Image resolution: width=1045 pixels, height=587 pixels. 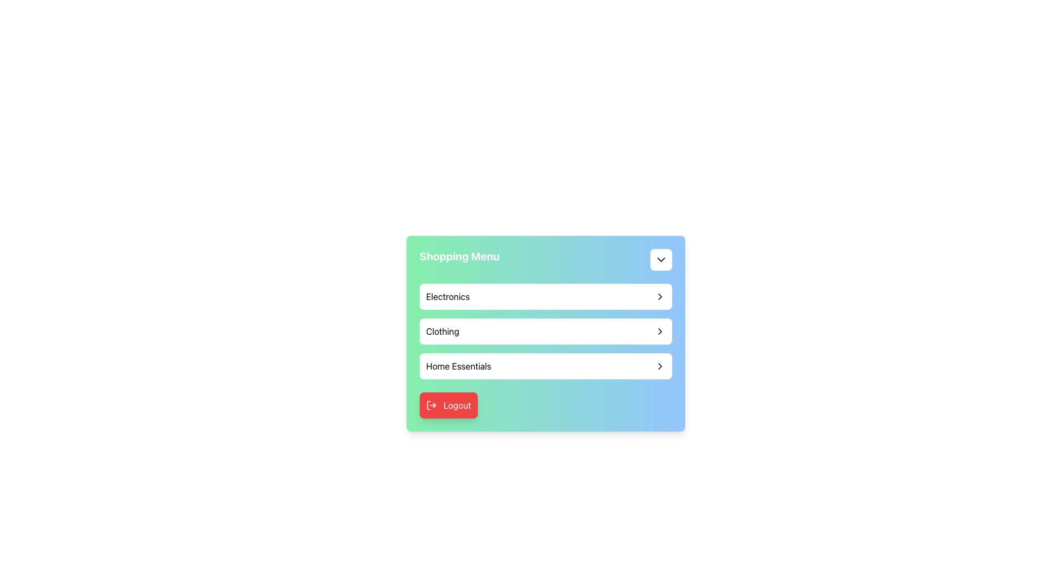 I want to click on the right-pointing chevron icon within the 'Clothing' menu, so click(x=660, y=330).